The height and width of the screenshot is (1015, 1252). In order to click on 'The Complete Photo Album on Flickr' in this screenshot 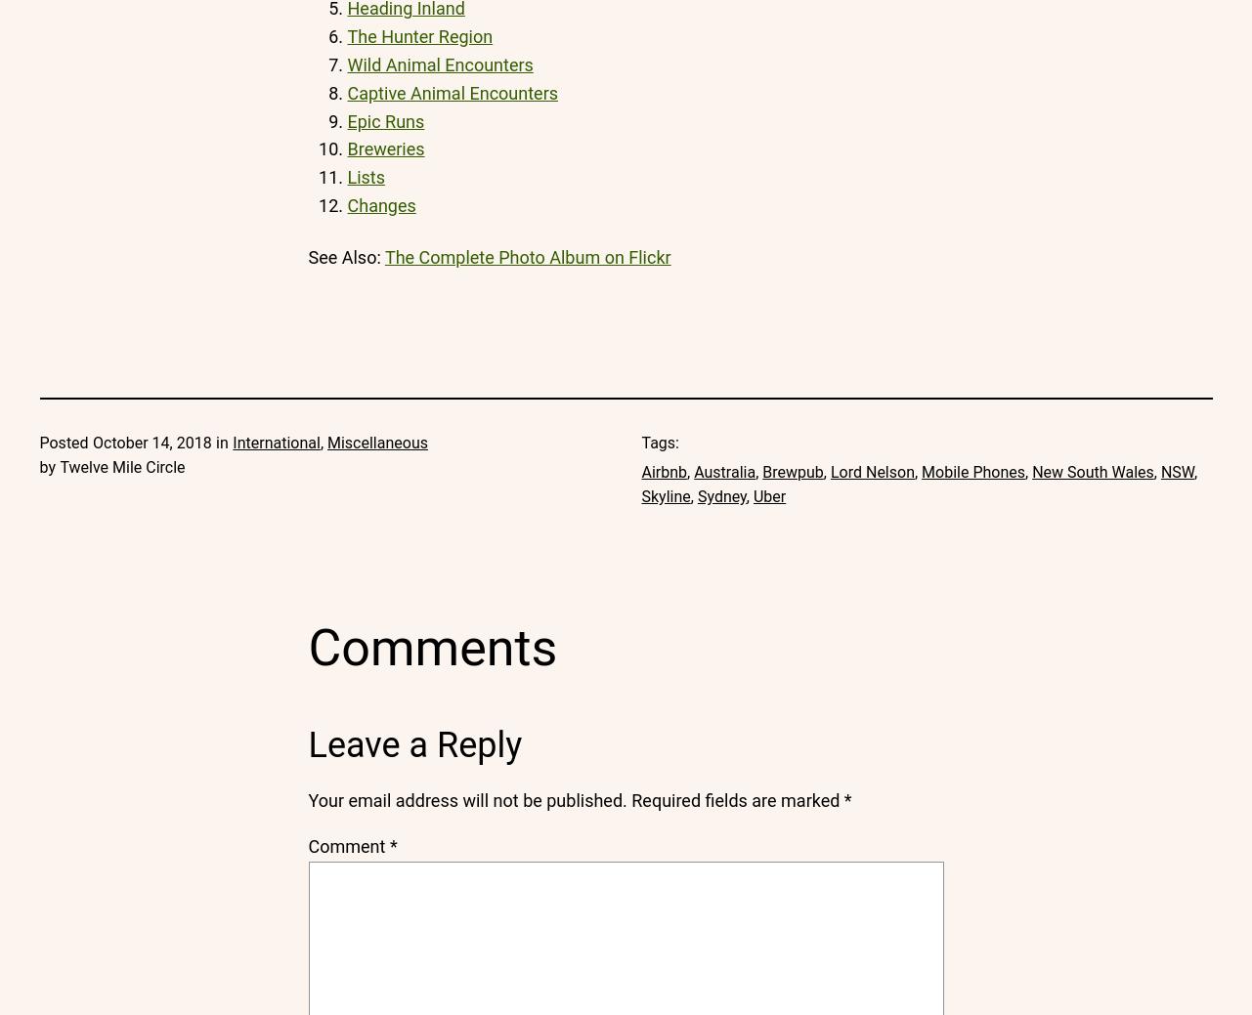, I will do `click(526, 256)`.